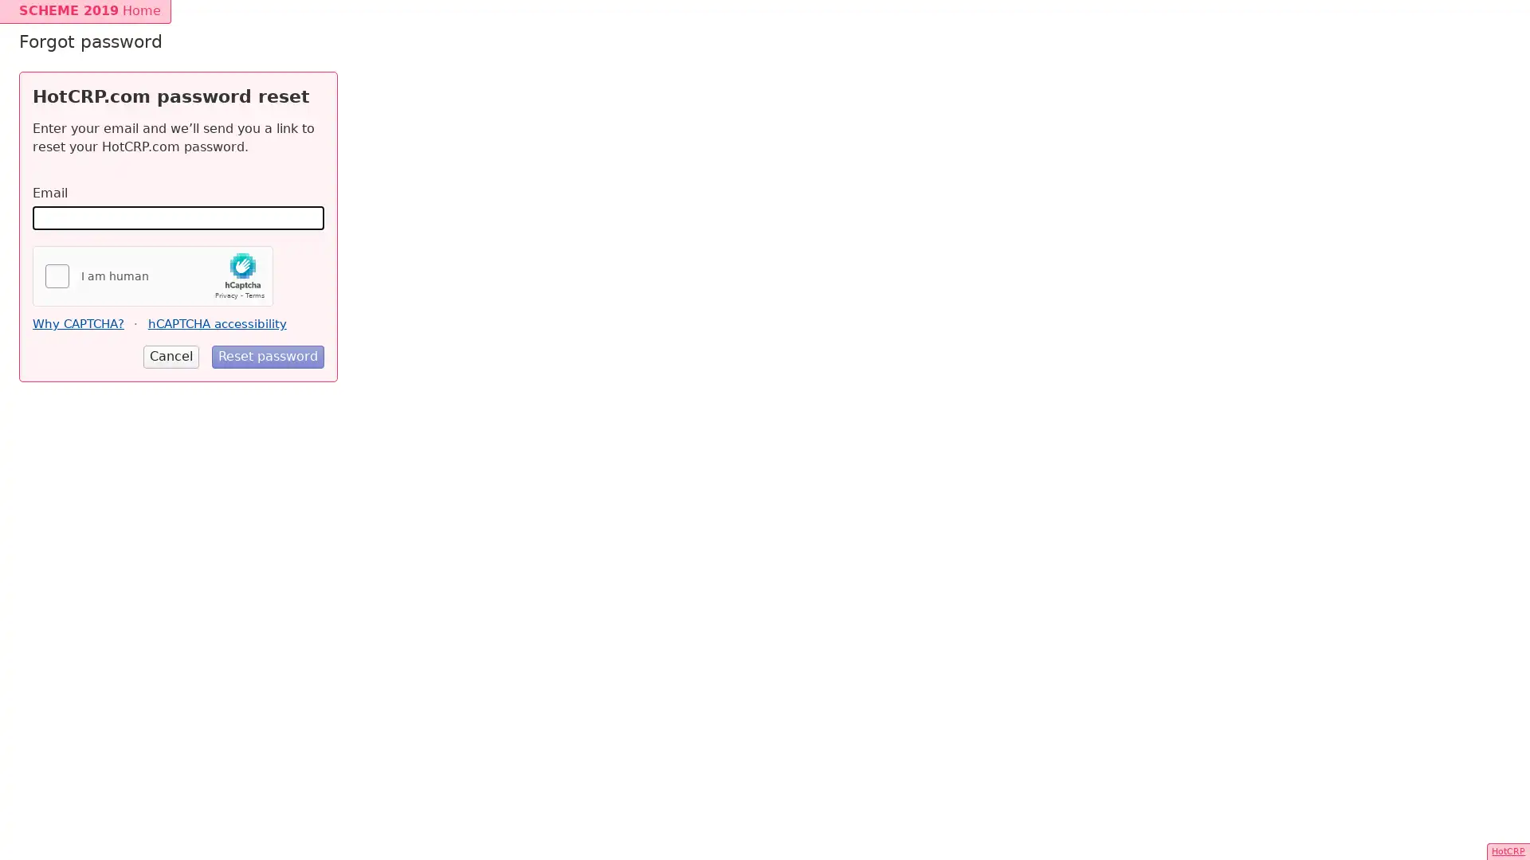 The height and width of the screenshot is (860, 1530). Describe the element at coordinates (171, 355) in the screenshot. I see `Cancel` at that location.